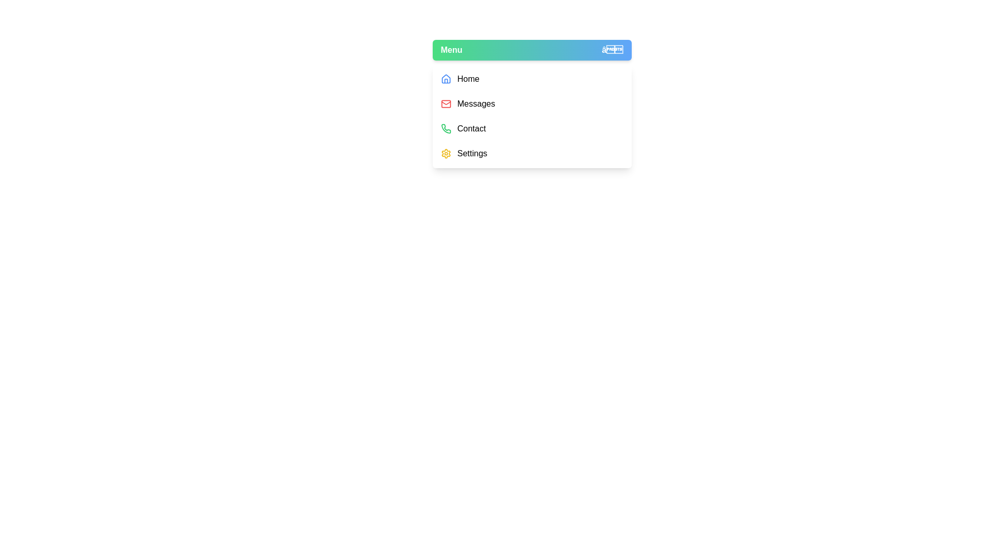  What do you see at coordinates (532, 154) in the screenshot?
I see `the menu item Settings` at bounding box center [532, 154].